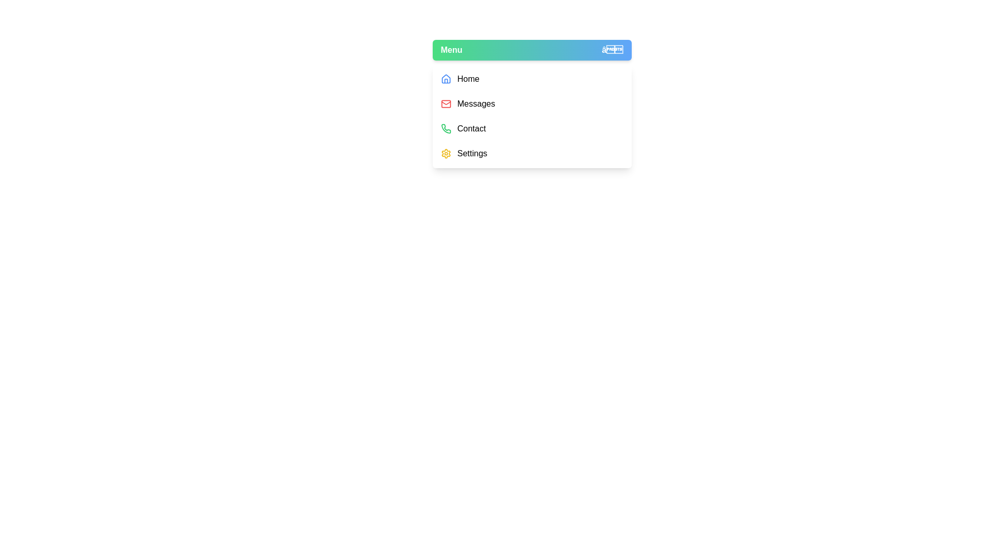  What do you see at coordinates (532, 154) in the screenshot?
I see `the menu item Settings` at bounding box center [532, 154].